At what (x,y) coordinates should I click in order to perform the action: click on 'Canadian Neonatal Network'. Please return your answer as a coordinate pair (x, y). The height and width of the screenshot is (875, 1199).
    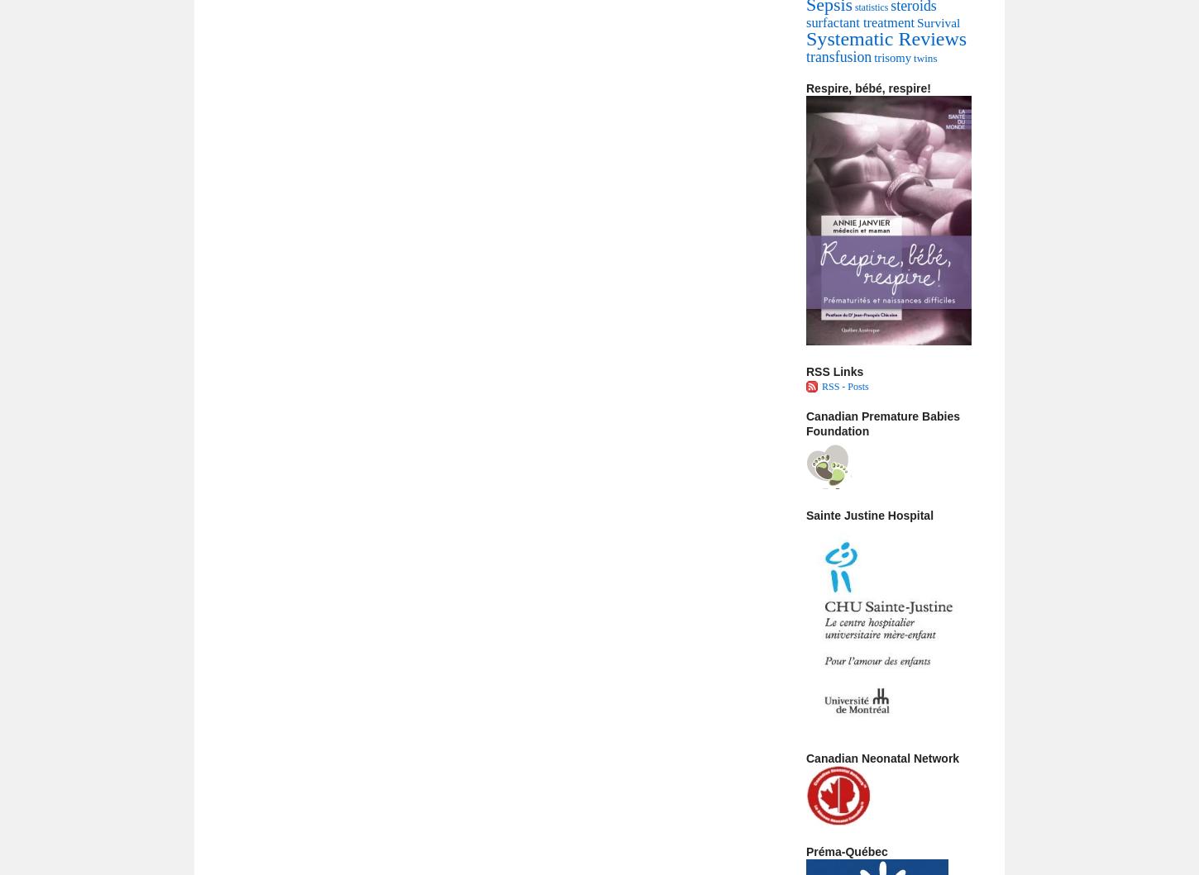
    Looking at the image, I should click on (805, 758).